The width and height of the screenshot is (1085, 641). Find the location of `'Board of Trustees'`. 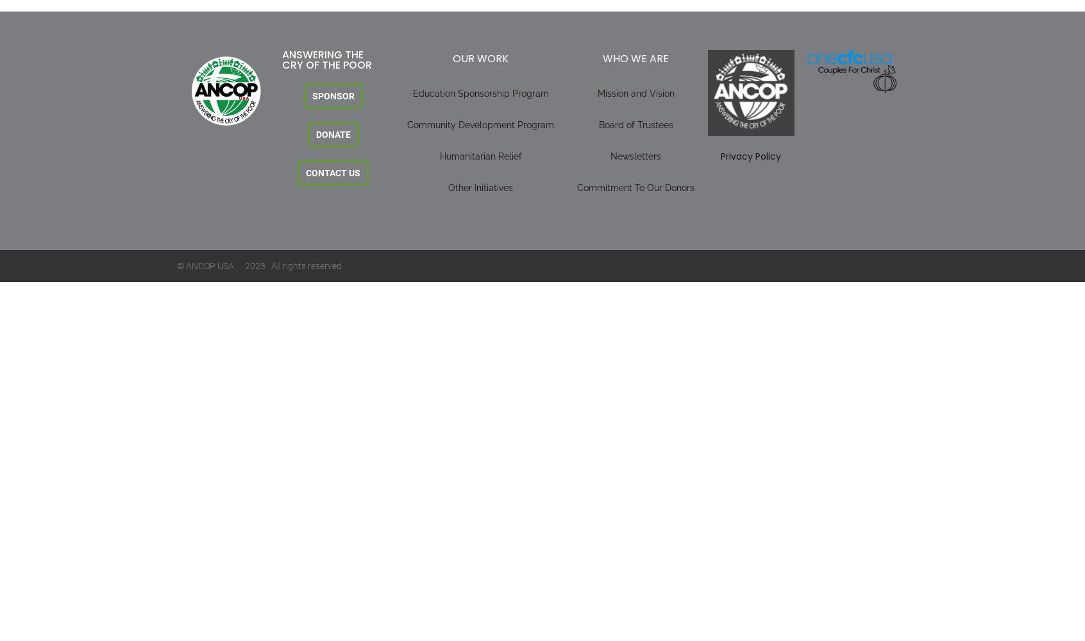

'Board of Trustees' is located at coordinates (635, 124).